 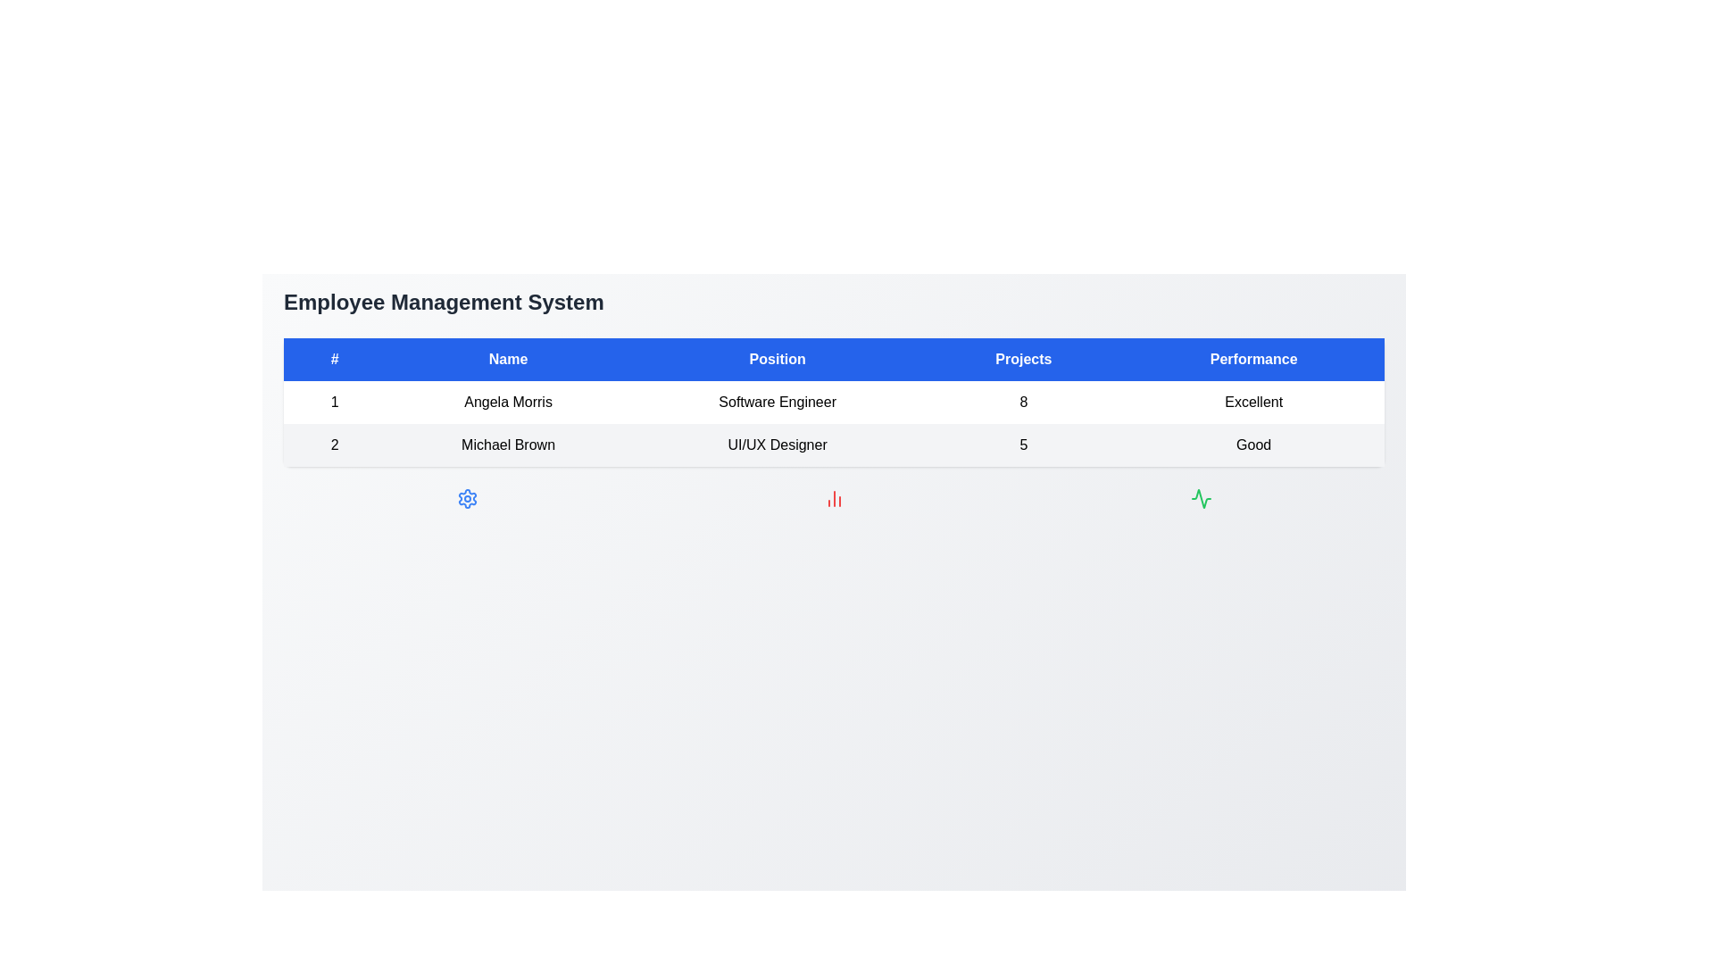 What do you see at coordinates (335, 444) in the screenshot?
I see `the text content representing the order identifier '2' located in the first column of the second row of the table, adjacent to 'Michael Brown'` at bounding box center [335, 444].